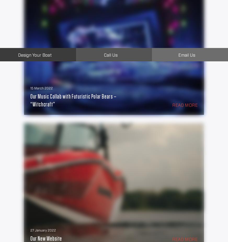 The image size is (228, 242). I want to click on 'Our Music Collab with Futuristic Polar Bears – “Witchcraft”', so click(73, 100).